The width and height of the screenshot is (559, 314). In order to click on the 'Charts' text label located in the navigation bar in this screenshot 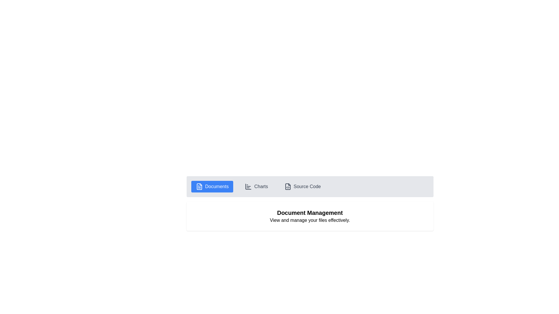, I will do `click(261, 186)`.